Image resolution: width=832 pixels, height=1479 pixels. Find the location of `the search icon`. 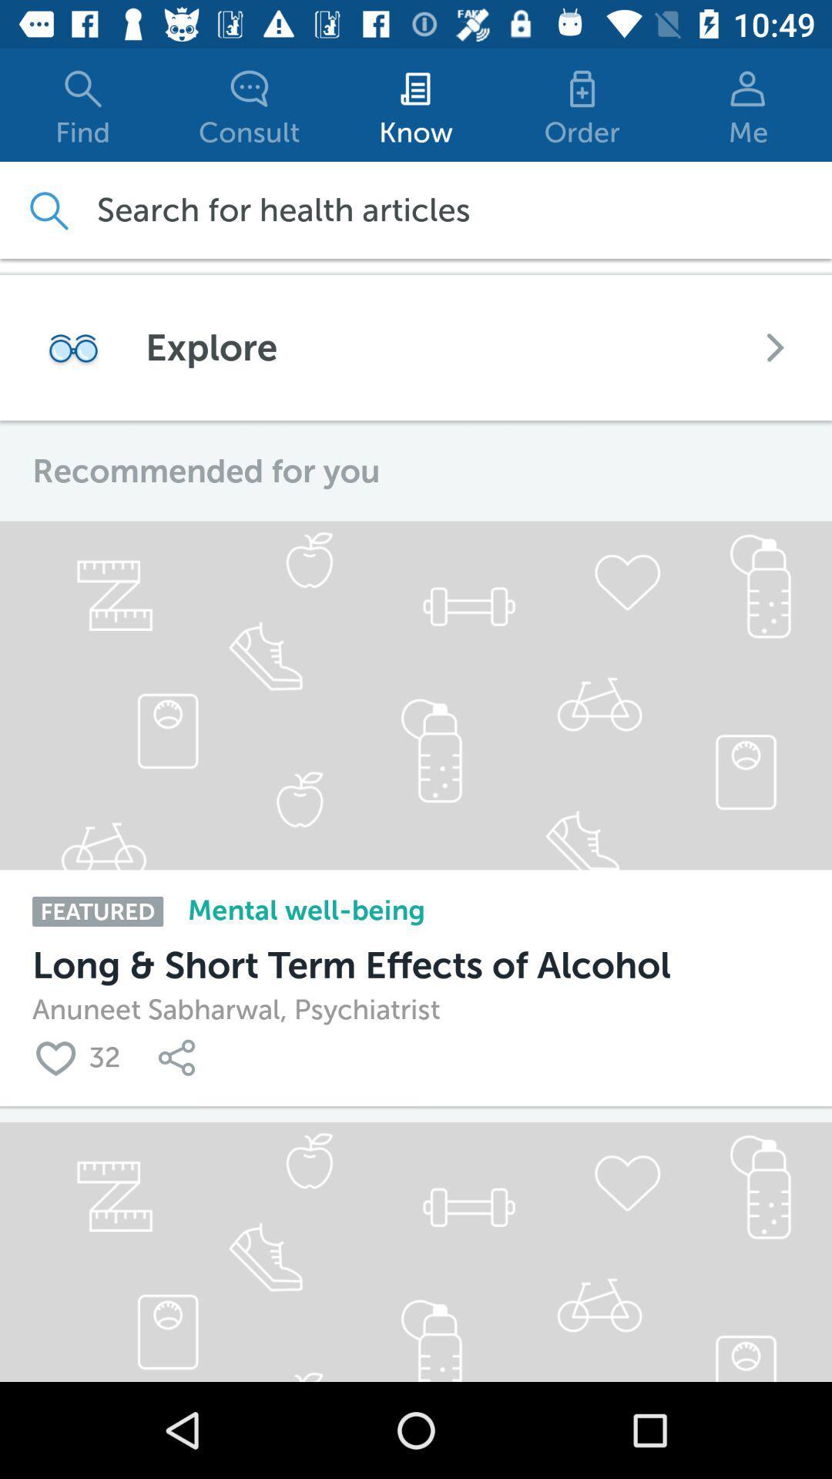

the search icon is located at coordinates (47, 210).